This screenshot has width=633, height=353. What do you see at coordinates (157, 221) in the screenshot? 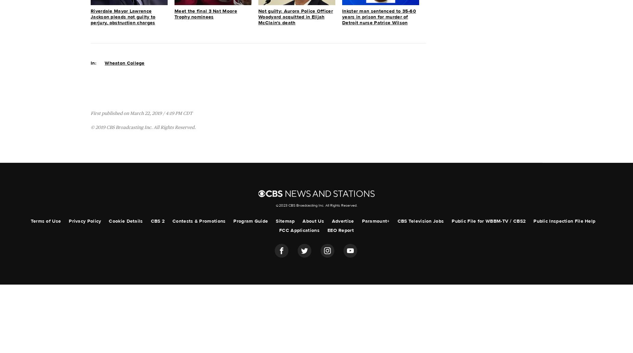
I see `'CBS 2'` at bounding box center [157, 221].